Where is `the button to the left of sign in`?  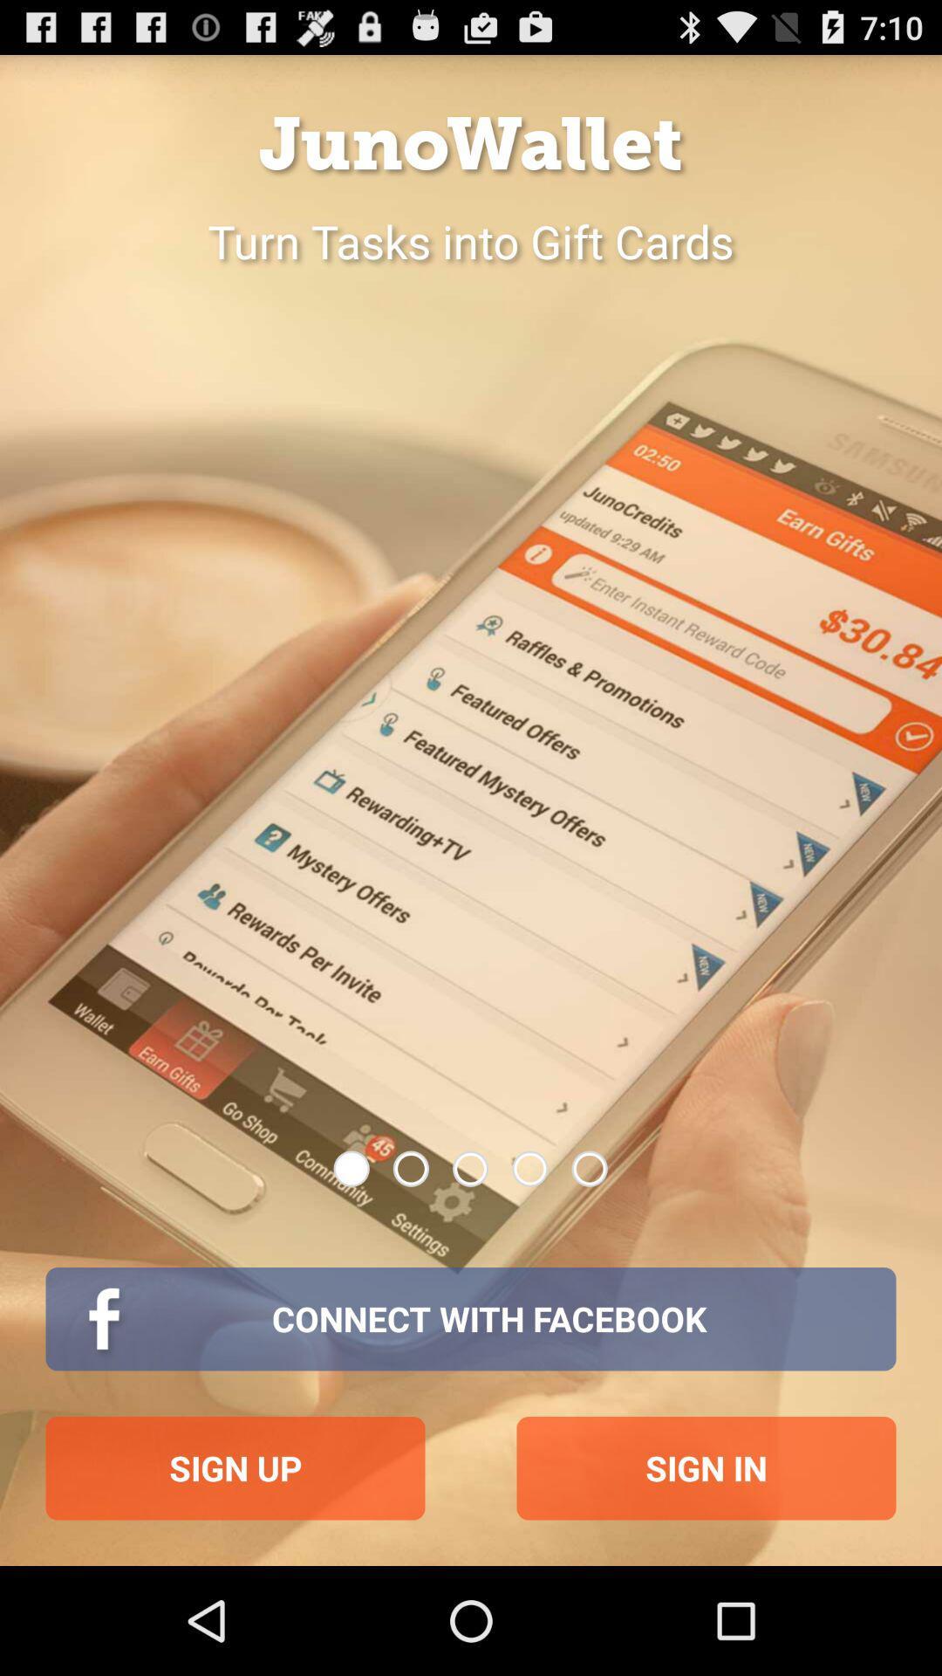
the button to the left of sign in is located at coordinates (235, 1467).